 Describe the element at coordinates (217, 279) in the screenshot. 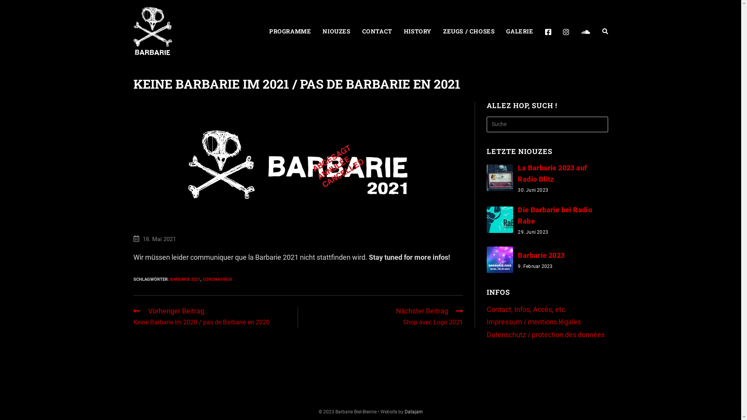

I see `'CORONAVIRUS'` at that location.